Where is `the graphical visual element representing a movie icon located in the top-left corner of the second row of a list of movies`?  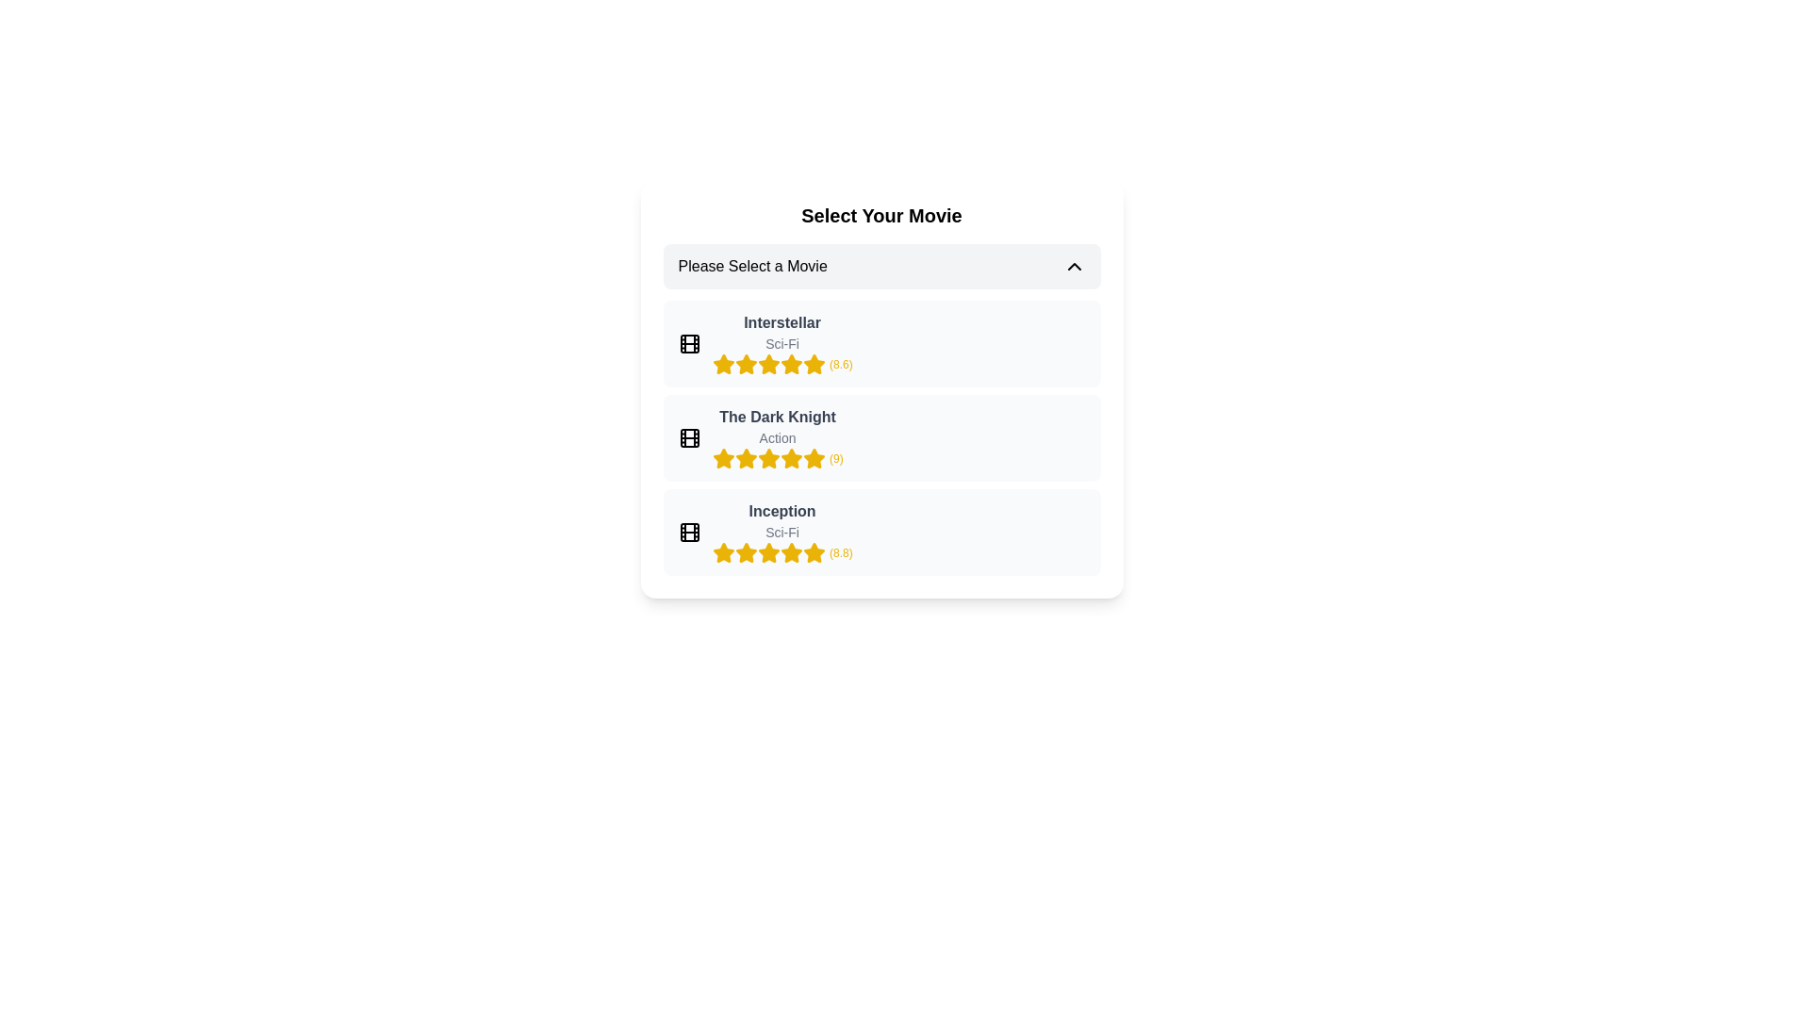
the graphical visual element representing a movie icon located in the top-left corner of the second row of a list of movies is located at coordinates (688, 438).